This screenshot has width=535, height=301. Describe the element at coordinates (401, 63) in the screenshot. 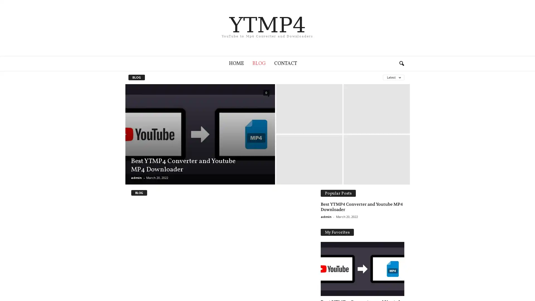

I see `search icon` at that location.